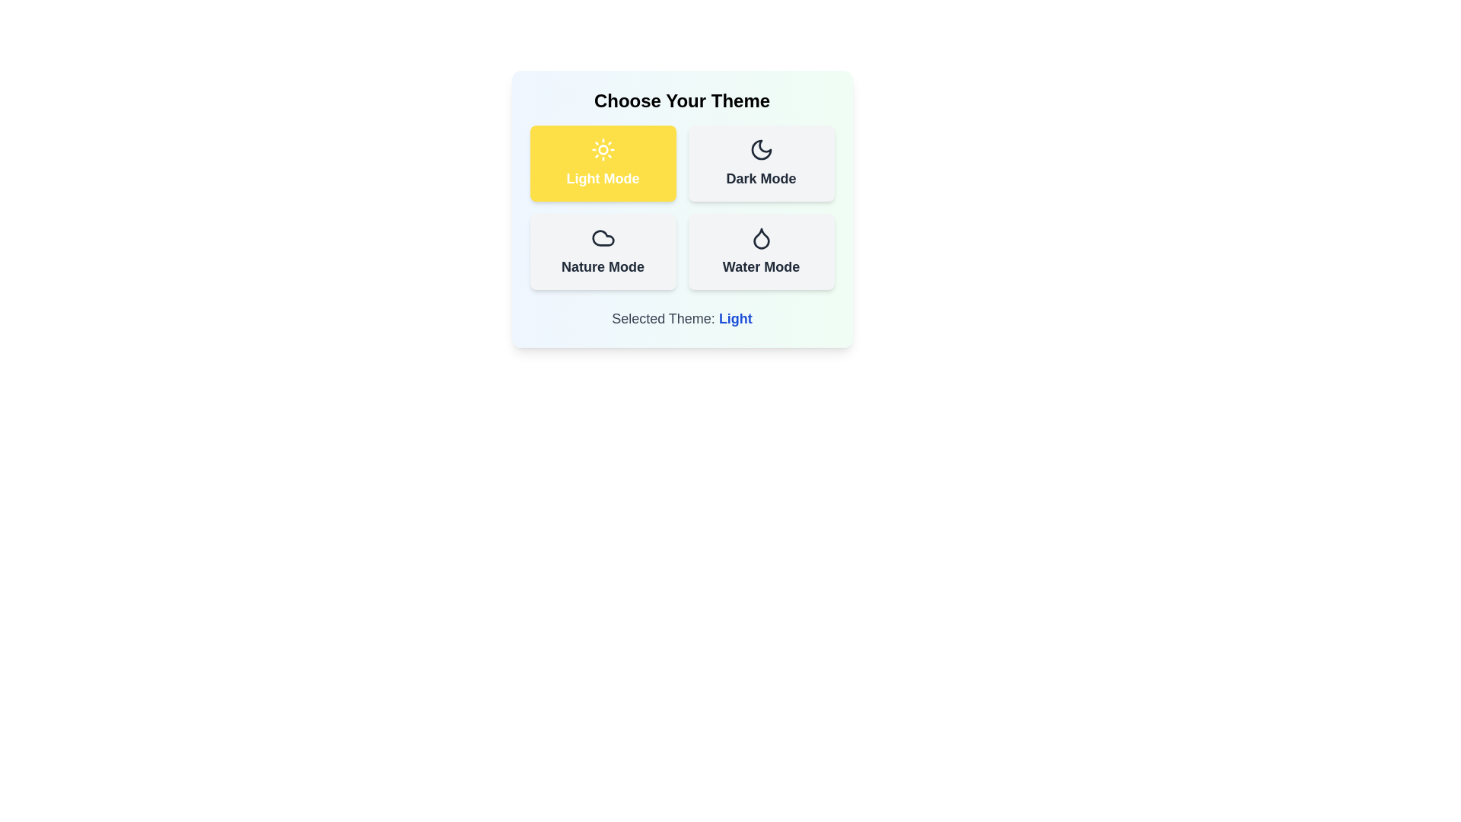 The height and width of the screenshot is (822, 1461). I want to click on the theme by clicking on the corresponding button. The parameter Nature Mode specifies the theme to select, so click(602, 251).